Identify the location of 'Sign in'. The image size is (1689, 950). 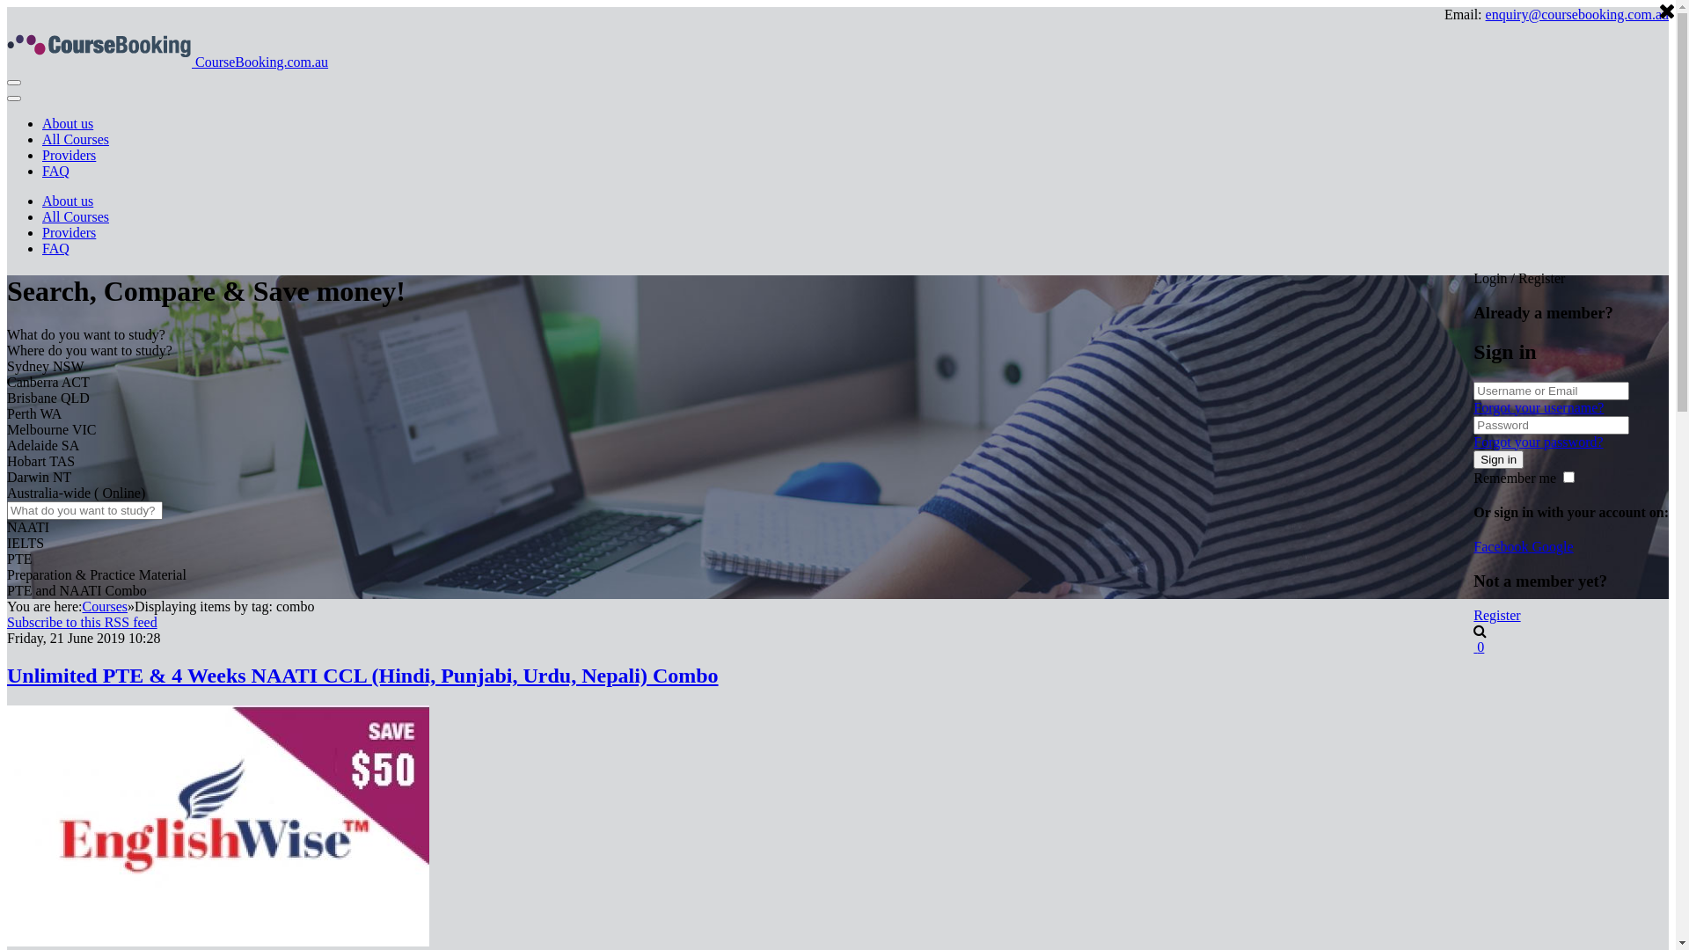
(1497, 458).